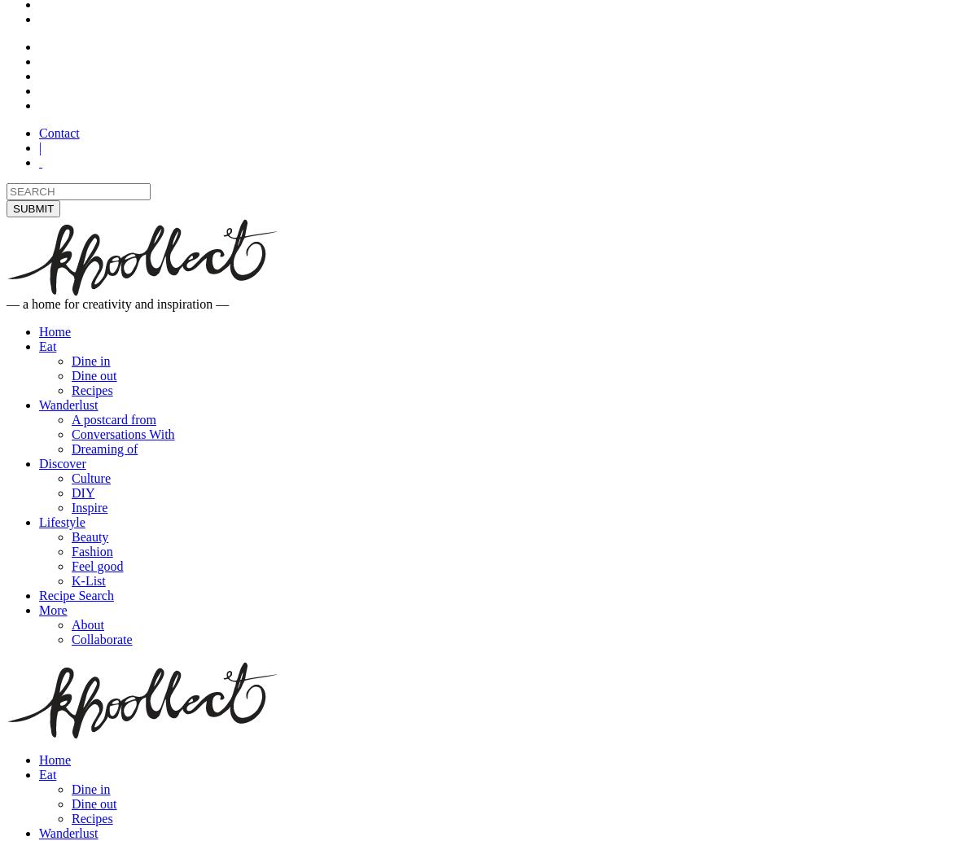 The width and height of the screenshot is (977, 841). I want to click on 'Contact', so click(59, 133).